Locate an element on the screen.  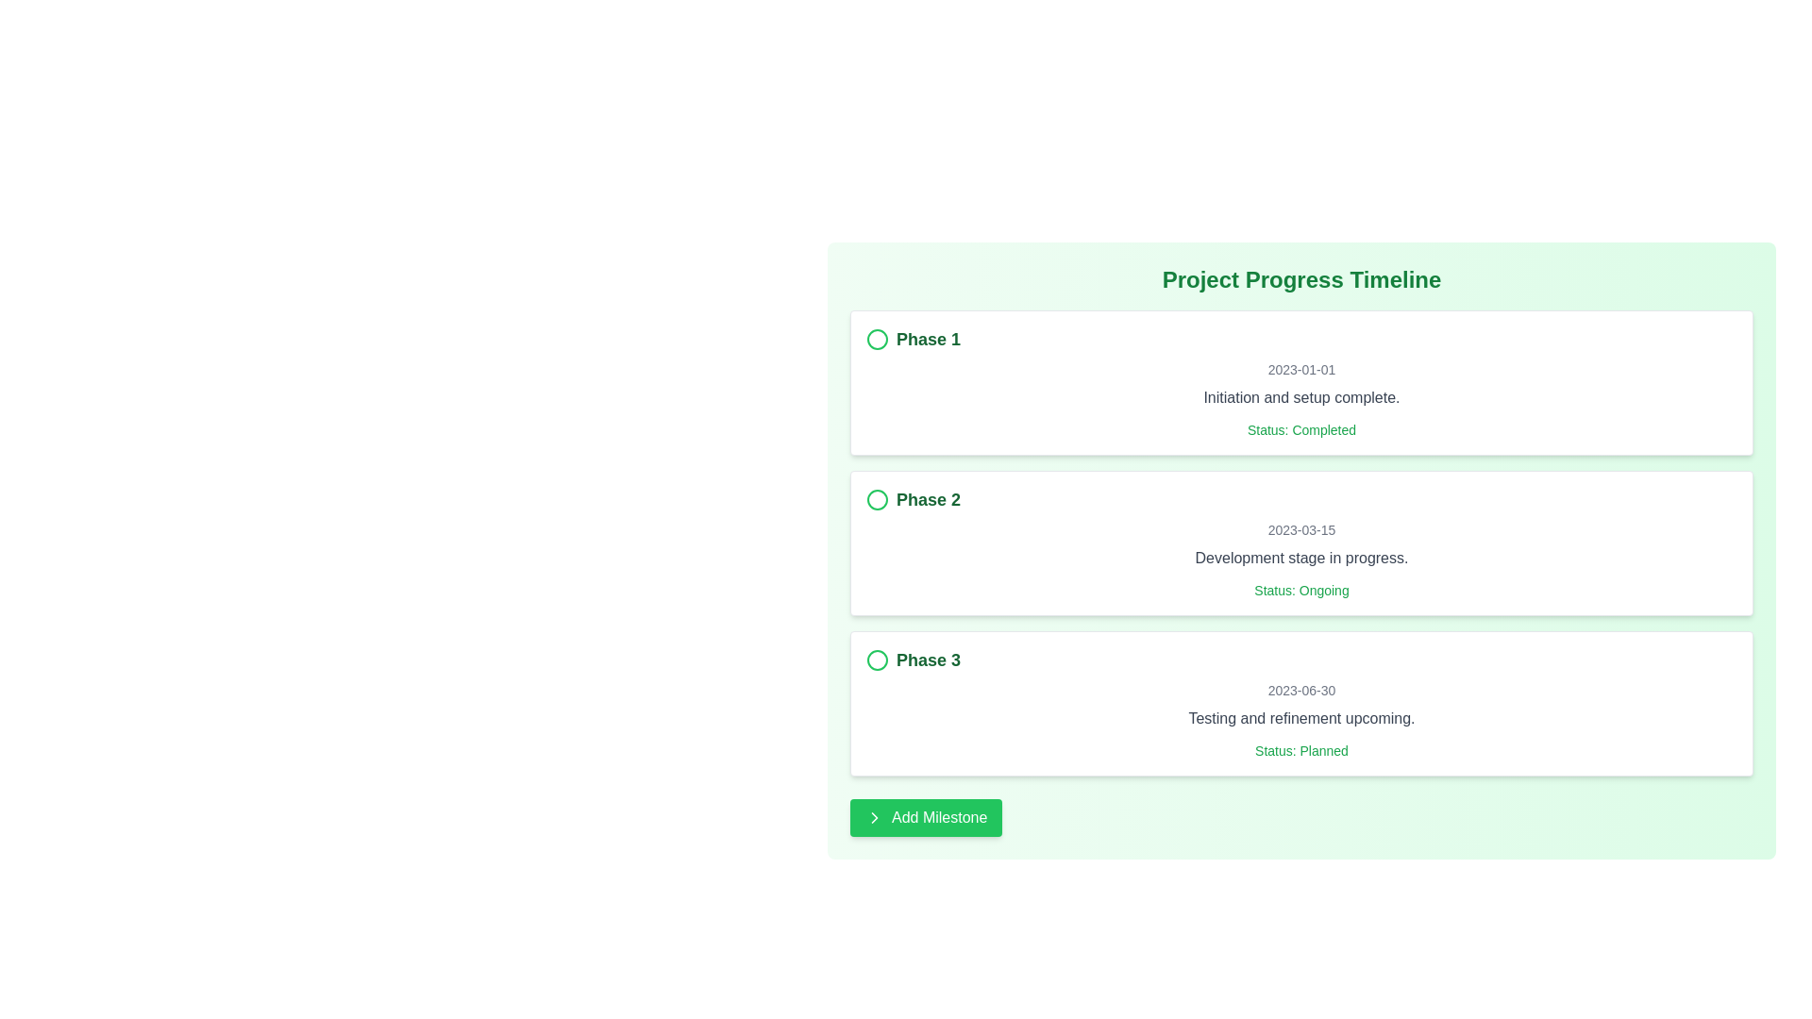
the text label that provides a status description or milestone note, located in the first card of the vertically stacked layout, between the '2023-01-01' label and 'Status: Completed' label is located at coordinates (1300, 396).